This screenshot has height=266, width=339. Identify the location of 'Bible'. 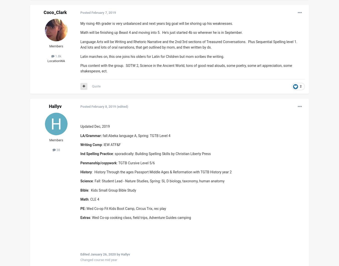
(80, 190).